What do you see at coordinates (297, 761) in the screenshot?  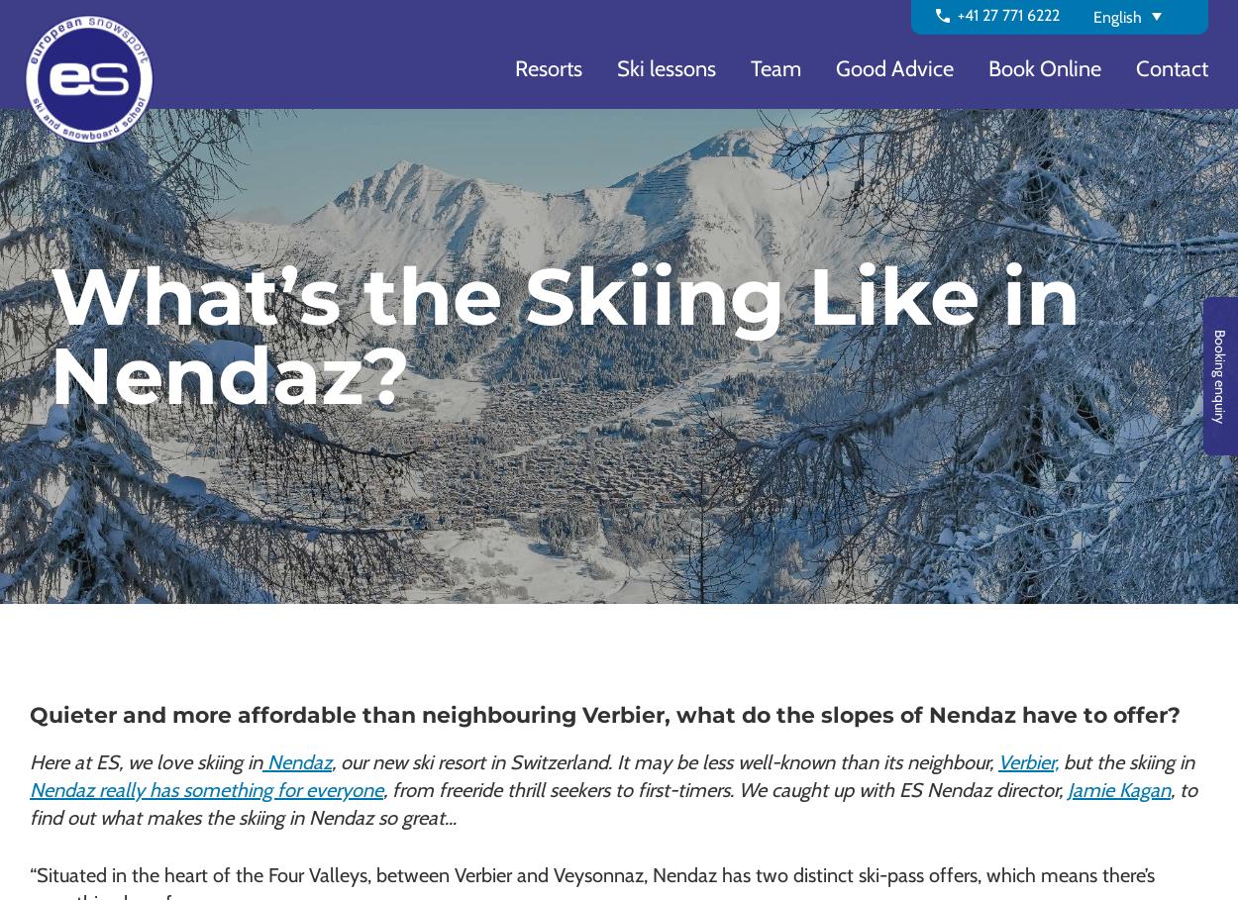 I see `'Nendaz'` at bounding box center [297, 761].